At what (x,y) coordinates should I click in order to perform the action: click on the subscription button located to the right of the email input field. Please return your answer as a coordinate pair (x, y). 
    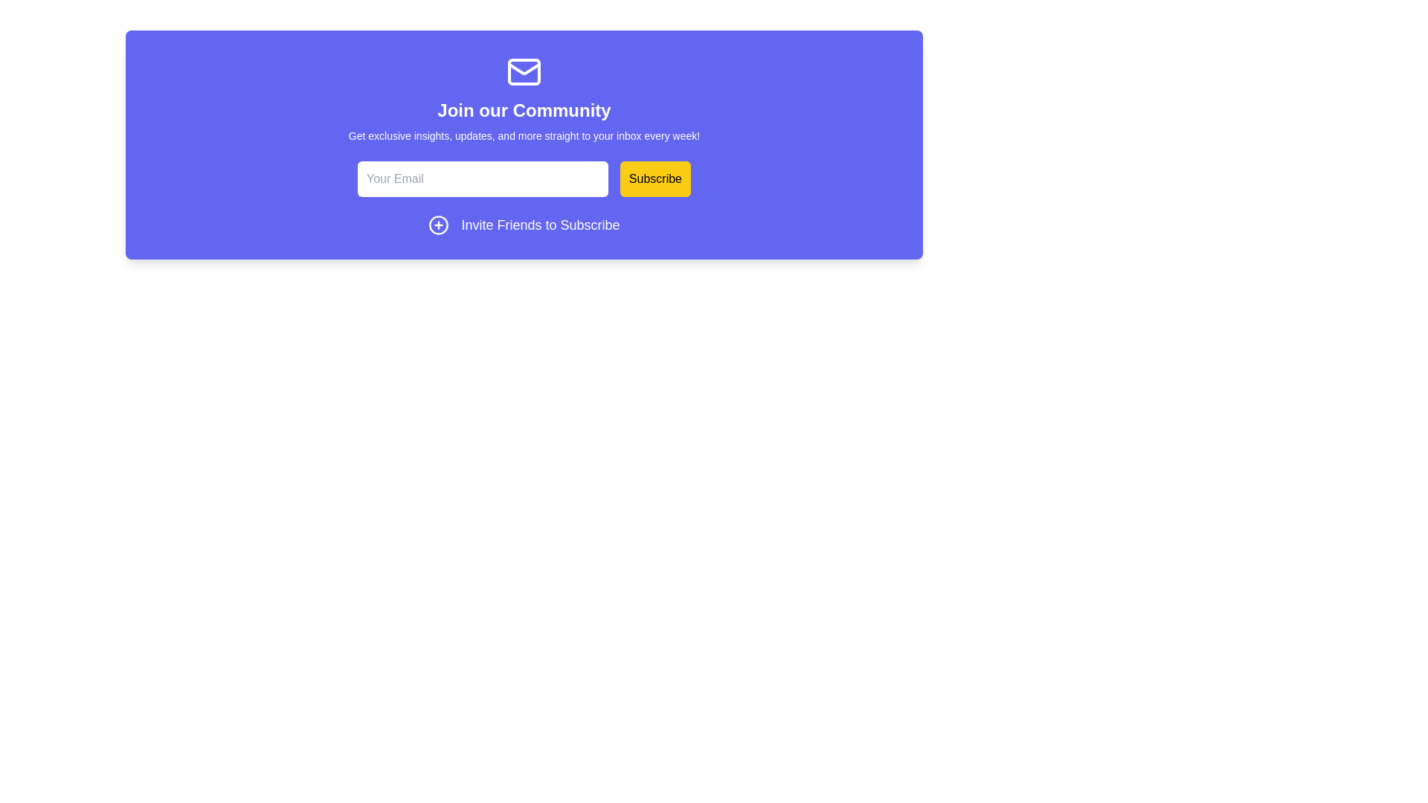
    Looking at the image, I should click on (654, 178).